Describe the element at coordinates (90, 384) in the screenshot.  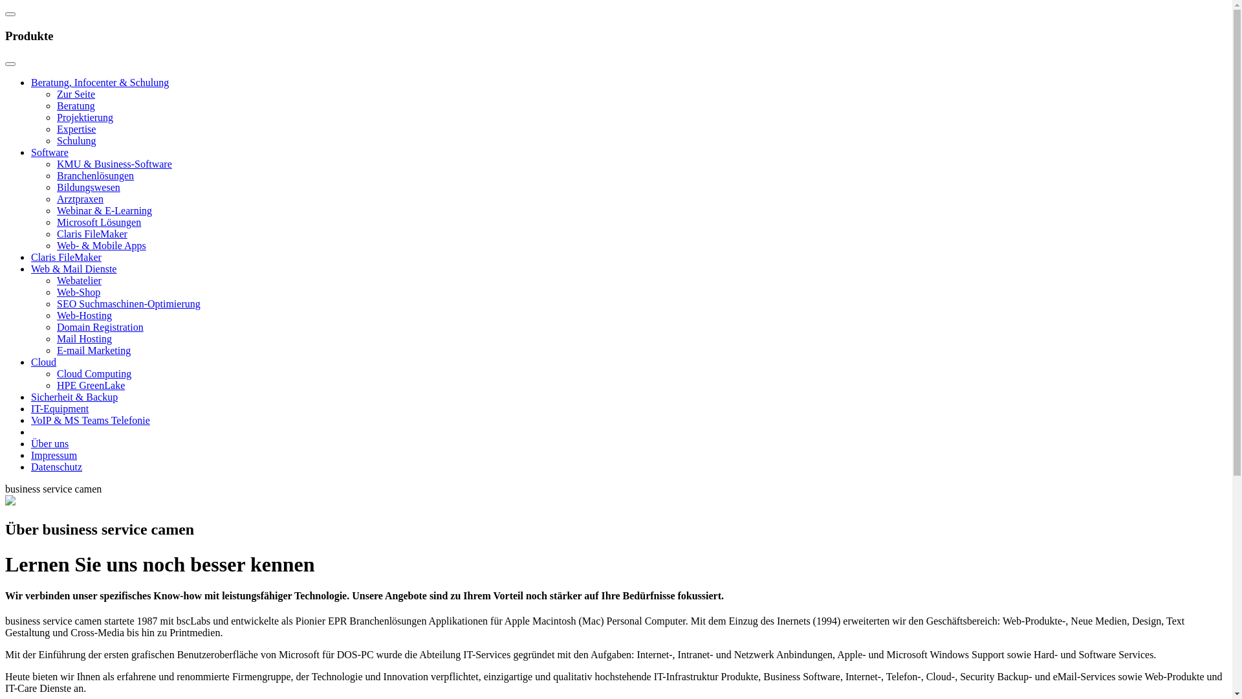
I see `'HPE GreenLake'` at that location.